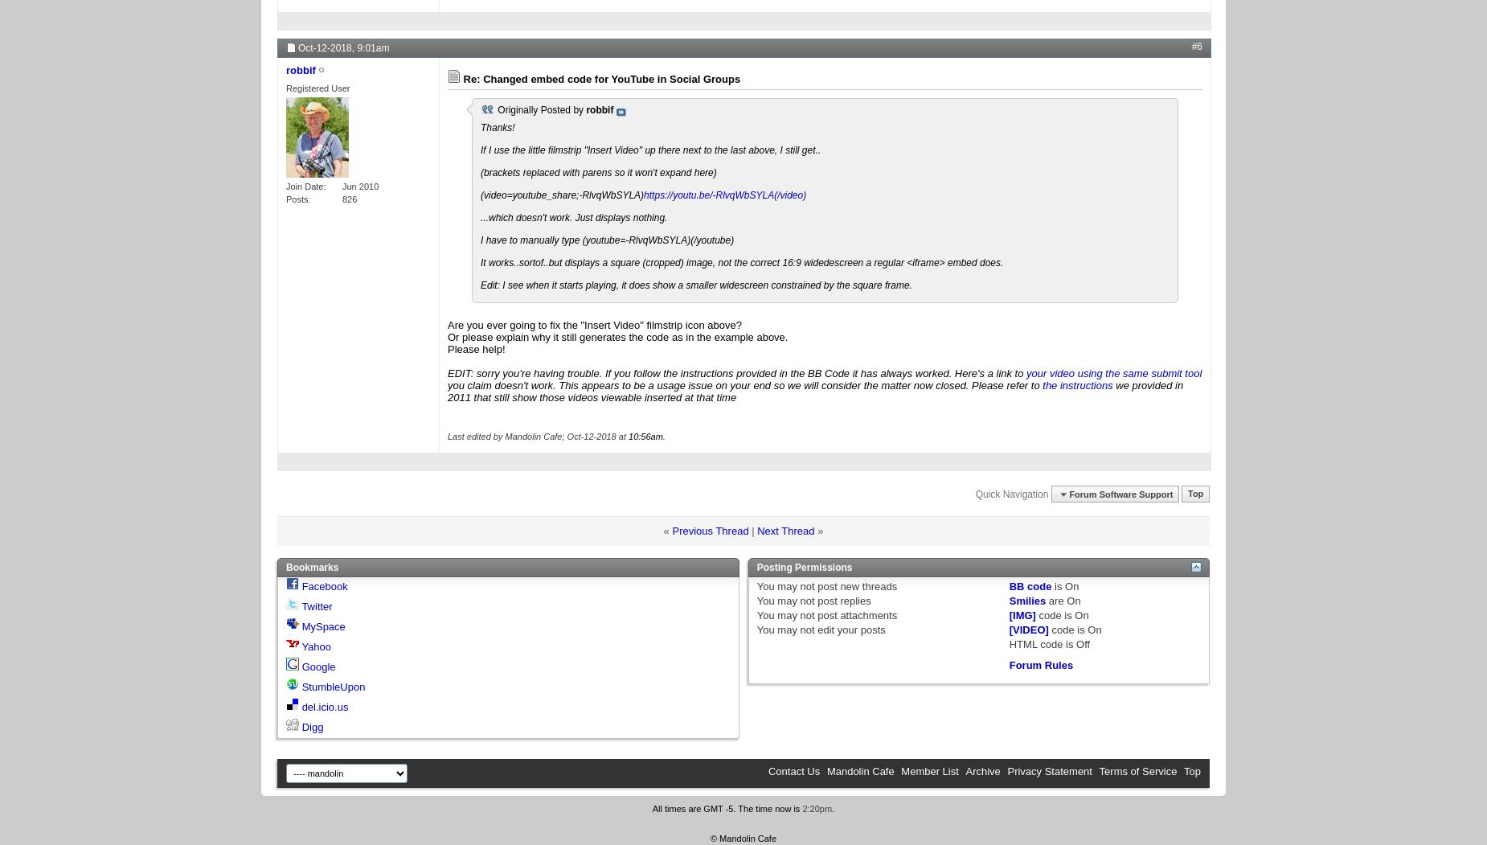 This screenshot has width=1487, height=845. What do you see at coordinates (1120, 492) in the screenshot?
I see `'Forum Software Support'` at bounding box center [1120, 492].